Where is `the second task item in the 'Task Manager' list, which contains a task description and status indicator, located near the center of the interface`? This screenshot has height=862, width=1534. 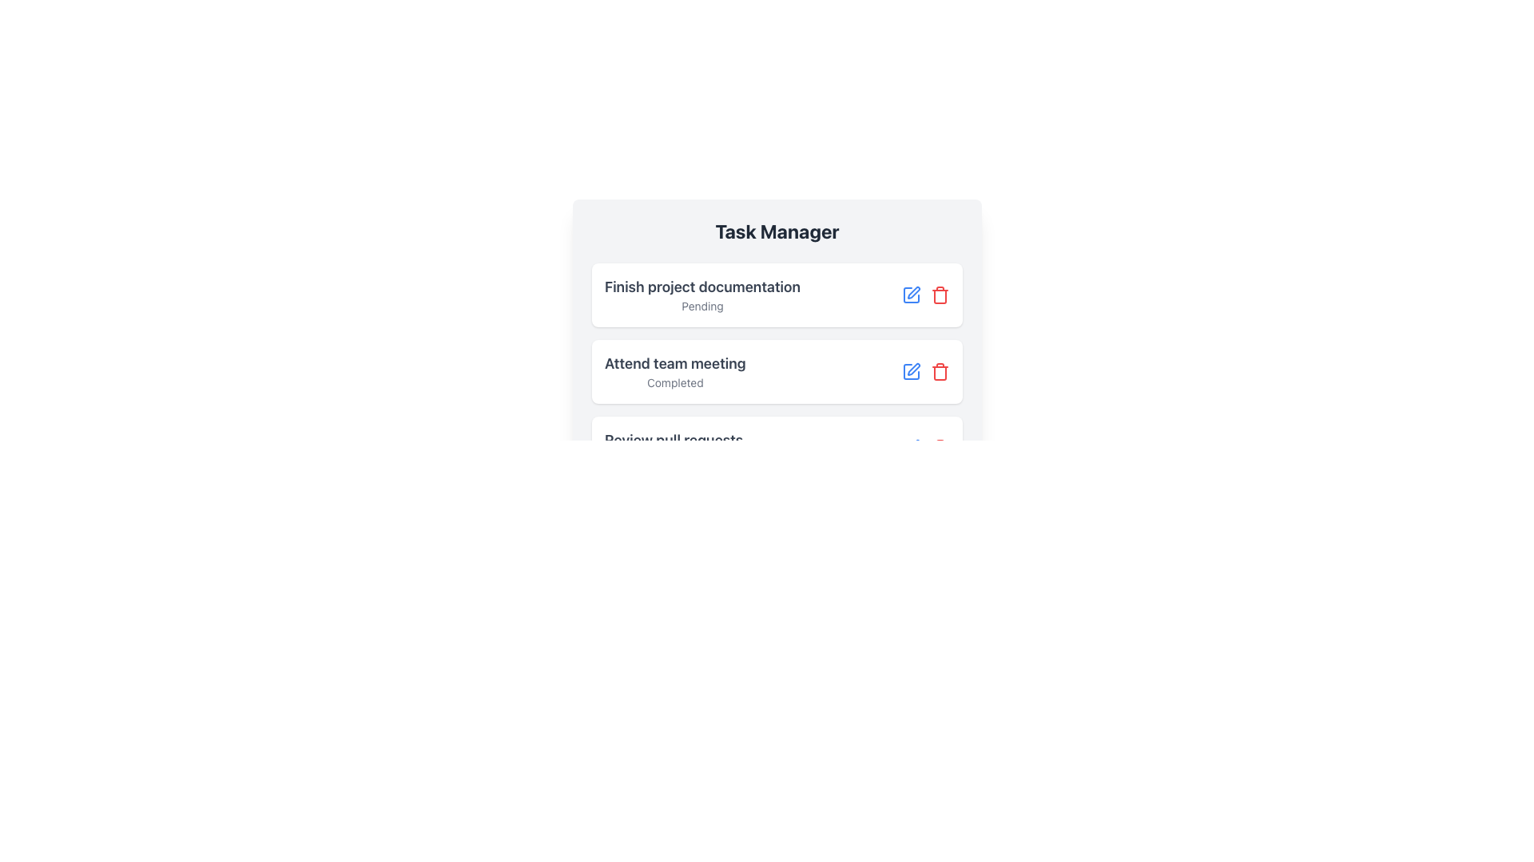 the second task item in the 'Task Manager' list, which contains a task description and status indicator, located near the center of the interface is located at coordinates (777, 372).